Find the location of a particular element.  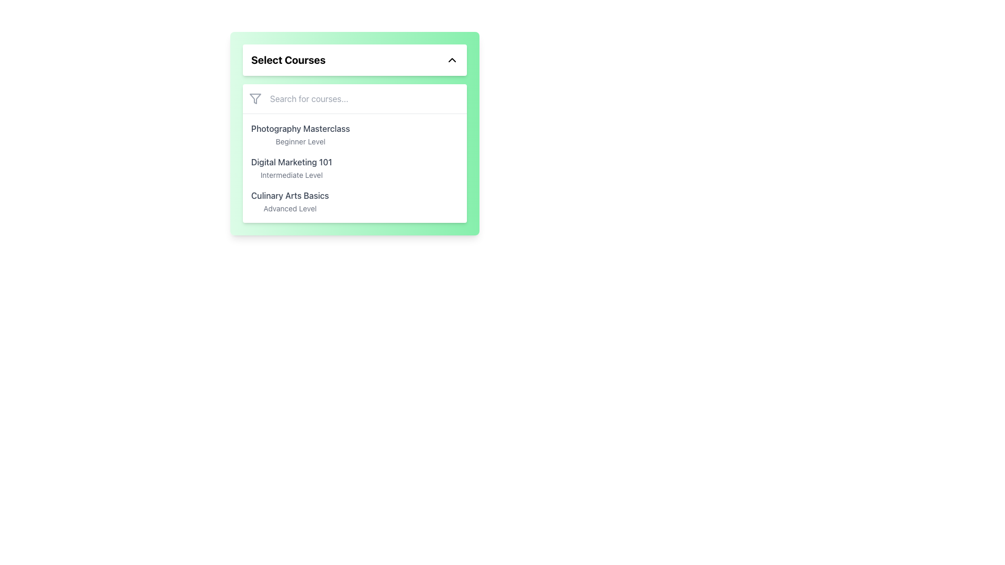

the list item labeled 'Culinary Arts Basics' is located at coordinates (354, 201).